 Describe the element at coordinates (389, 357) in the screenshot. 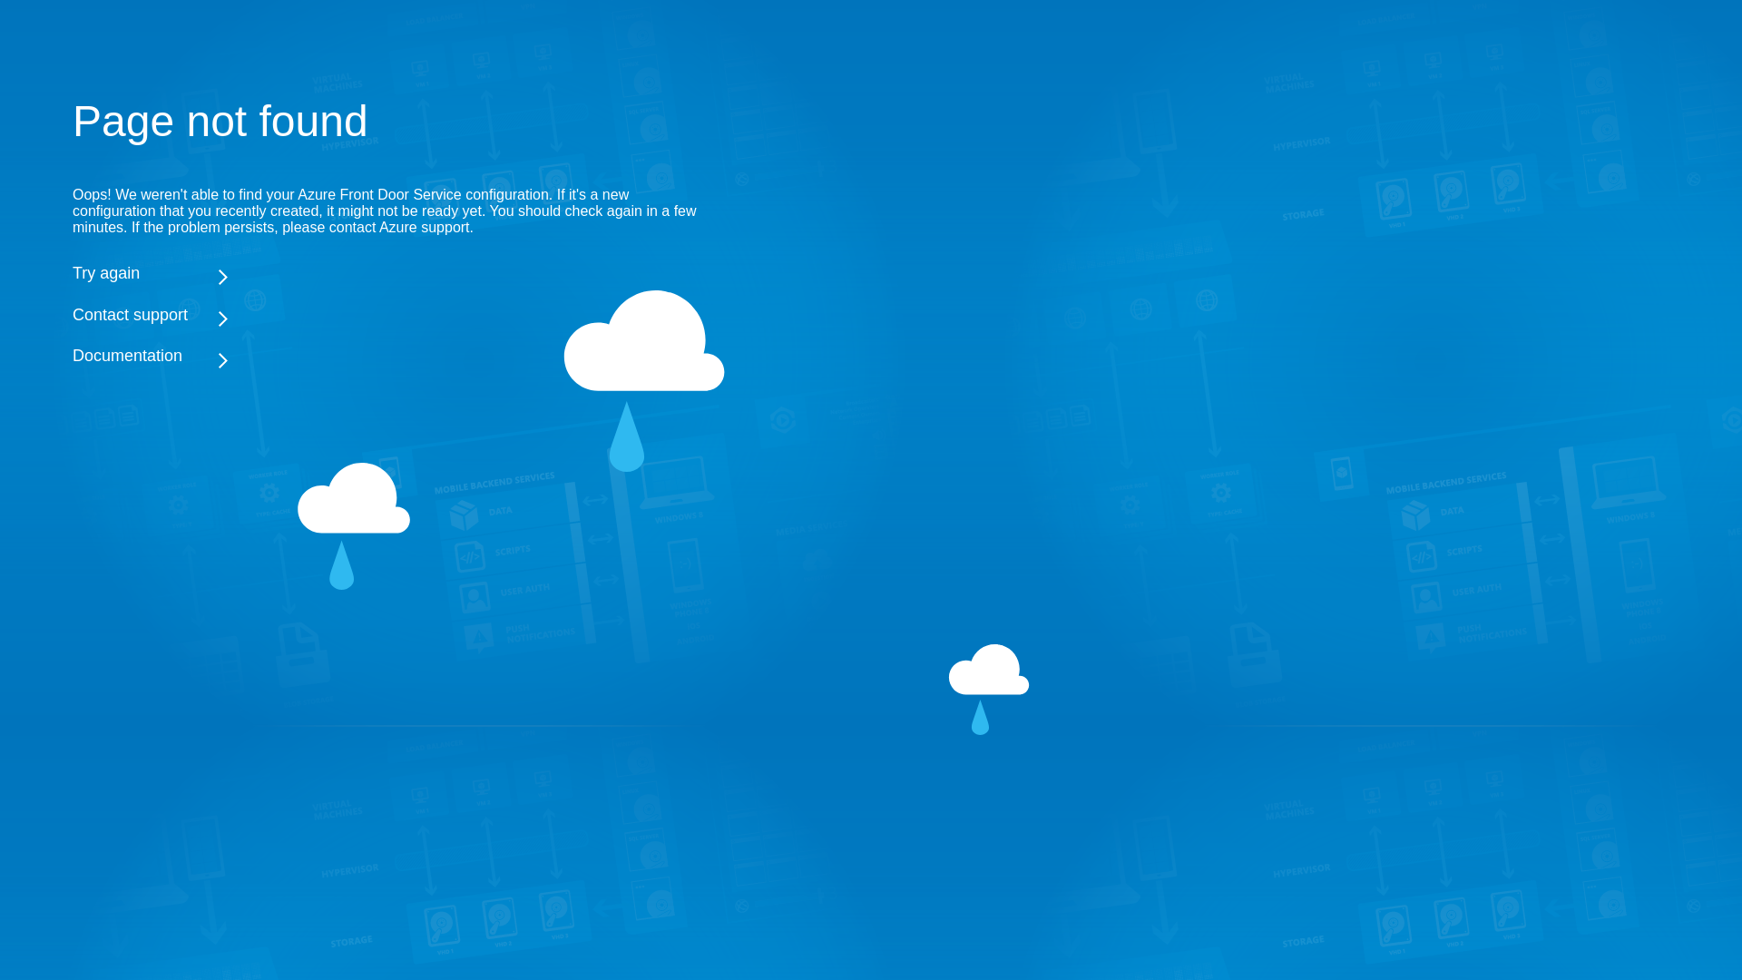

I see `'Documentation'` at that location.